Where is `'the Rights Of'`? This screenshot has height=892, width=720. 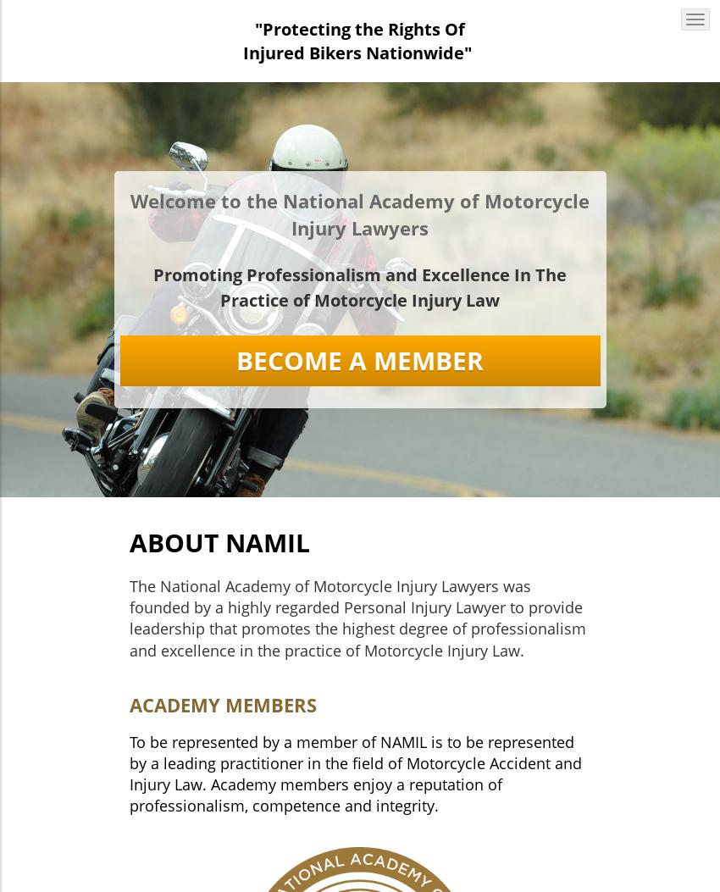 'the Rights Of' is located at coordinates (354, 29).